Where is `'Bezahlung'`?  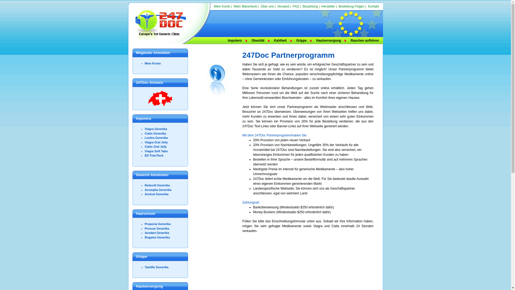
'Bezahlung' is located at coordinates (310, 6).